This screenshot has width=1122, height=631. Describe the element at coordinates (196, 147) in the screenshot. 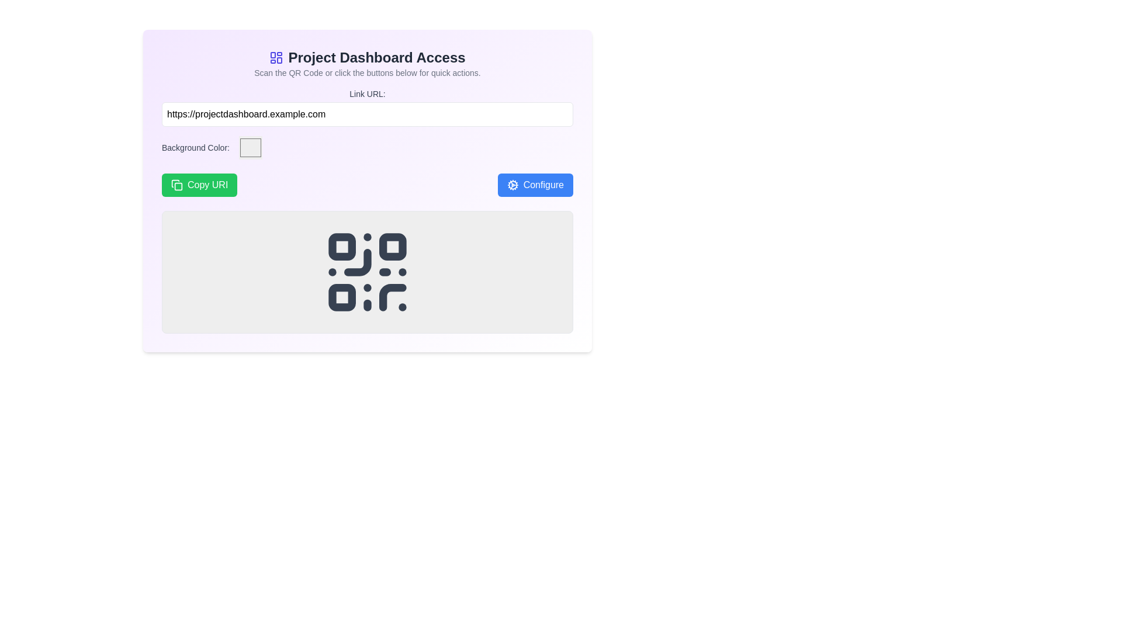

I see `the Text Label that indicates the function of the neighboring color picker box, located near the top-left corner of the page, under the URL input field and to the left of the color picker box` at that location.